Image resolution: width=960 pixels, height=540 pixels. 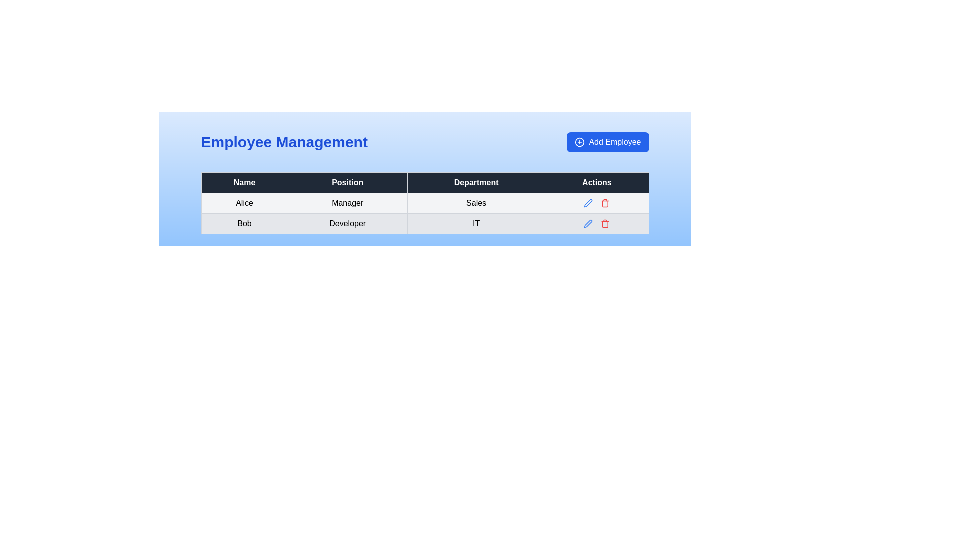 I want to click on the 'Actions' table header cell, which is the last column header in a table that includes 'Name', 'Position', and 'Department' columns, located at the top of the table, so click(x=597, y=183).